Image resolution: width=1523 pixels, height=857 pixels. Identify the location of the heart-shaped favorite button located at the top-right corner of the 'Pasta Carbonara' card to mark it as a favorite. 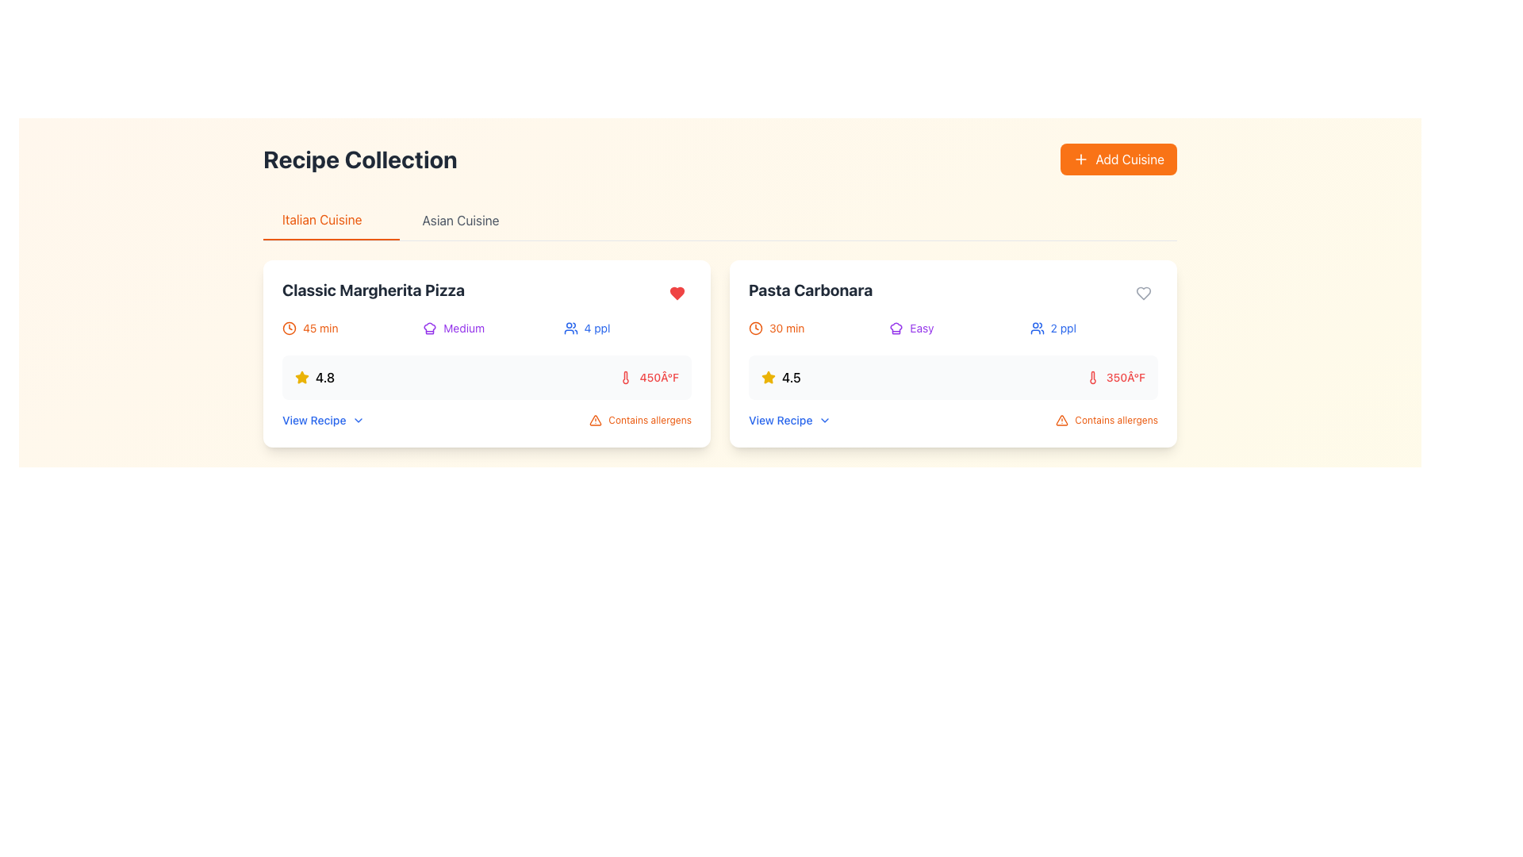
(1143, 294).